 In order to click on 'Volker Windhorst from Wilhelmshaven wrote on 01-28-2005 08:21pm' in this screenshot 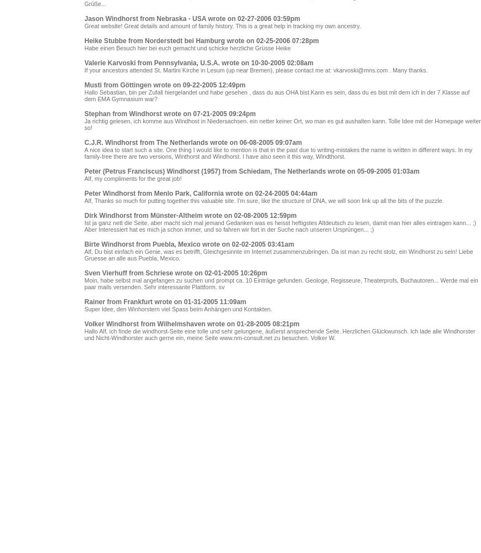, I will do `click(191, 324)`.